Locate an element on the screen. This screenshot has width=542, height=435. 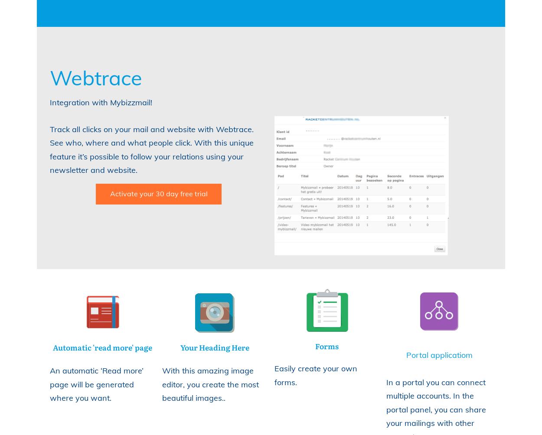
'Activate your 30 day free trial' is located at coordinates (158, 192).